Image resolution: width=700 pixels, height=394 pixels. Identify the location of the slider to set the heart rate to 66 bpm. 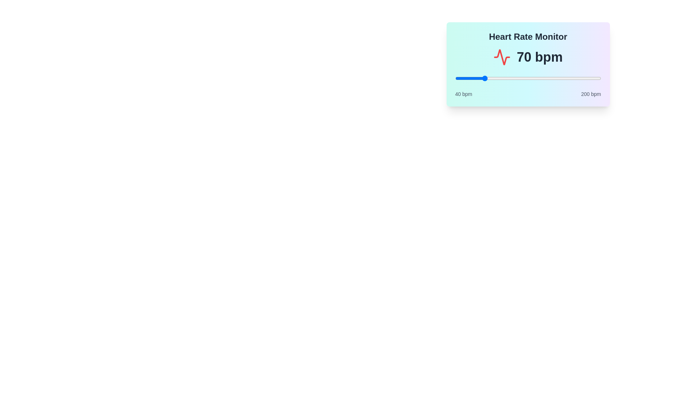
(479, 78).